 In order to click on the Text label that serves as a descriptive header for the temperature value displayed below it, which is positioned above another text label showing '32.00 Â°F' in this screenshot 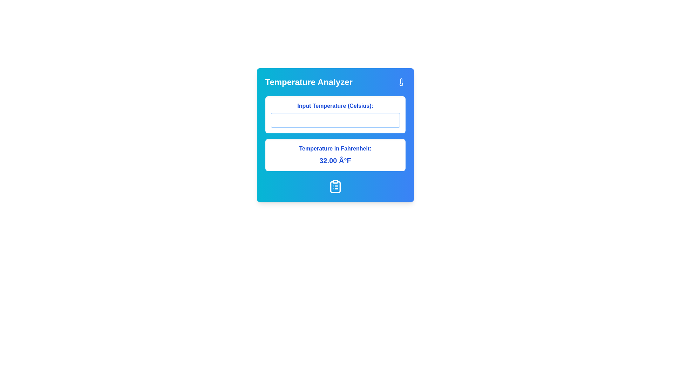, I will do `click(335, 148)`.